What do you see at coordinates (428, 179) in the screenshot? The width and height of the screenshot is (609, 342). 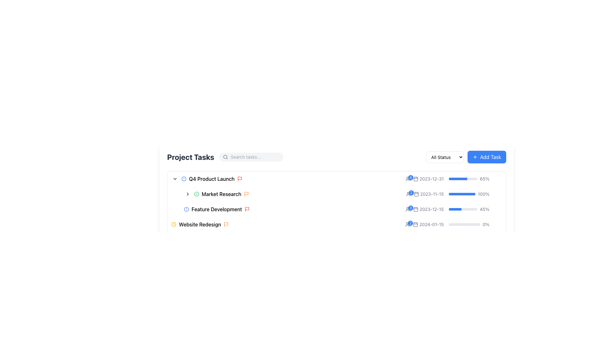 I see `the Text with icon element displaying the date '2023-12-31' which is next to 'Market Research' in the due dates column` at bounding box center [428, 179].